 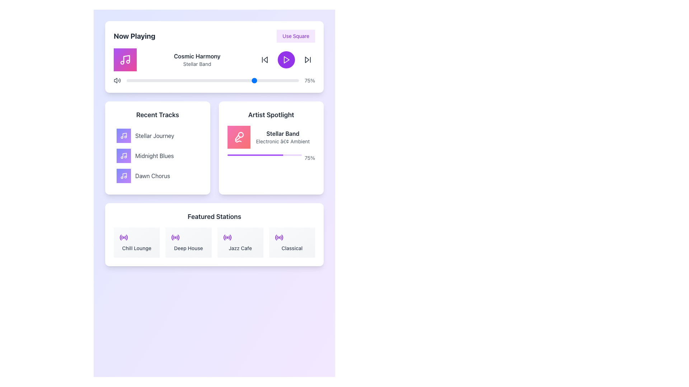 What do you see at coordinates (157, 176) in the screenshot?
I see `the list item displaying the text 'Dawn Chorus' with a musical note icon` at bounding box center [157, 176].